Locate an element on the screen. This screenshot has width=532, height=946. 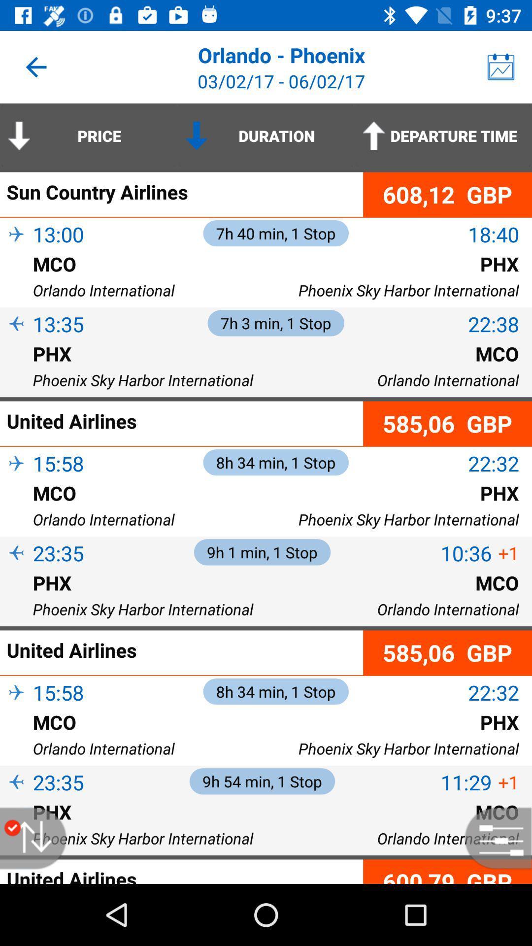
item below 13:35 is located at coordinates (16, 340).